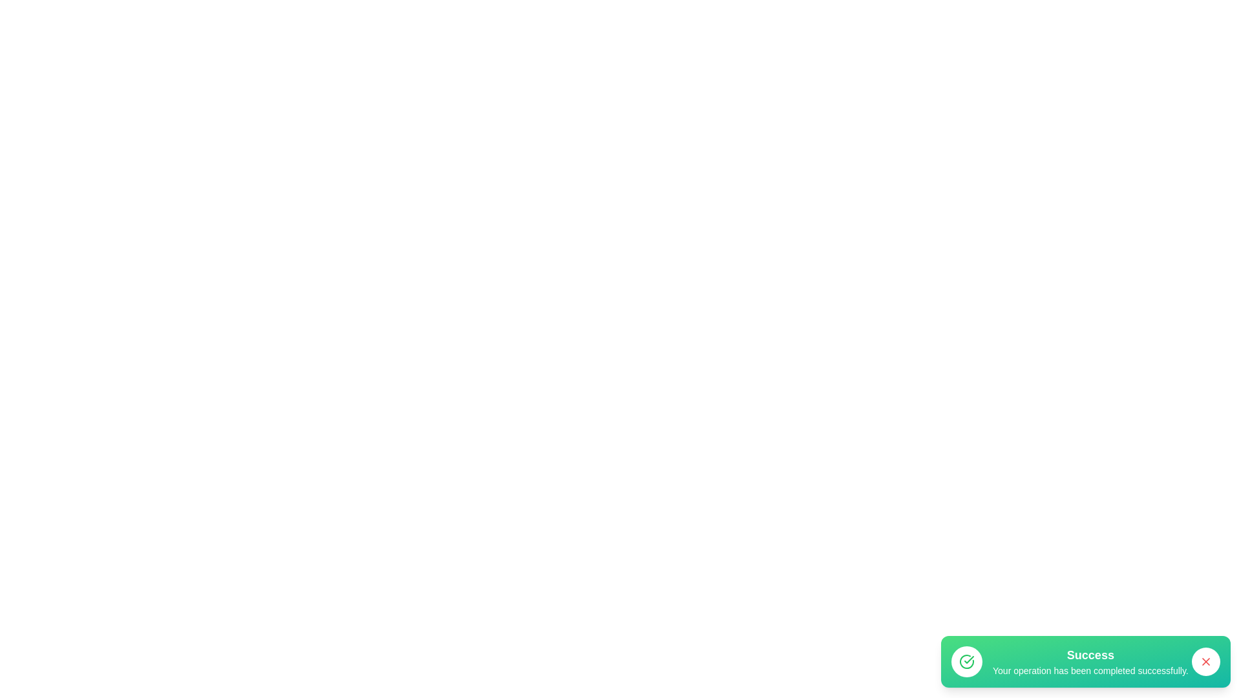 This screenshot has height=698, width=1241. I want to click on the success icon to inspect it, so click(967, 661).